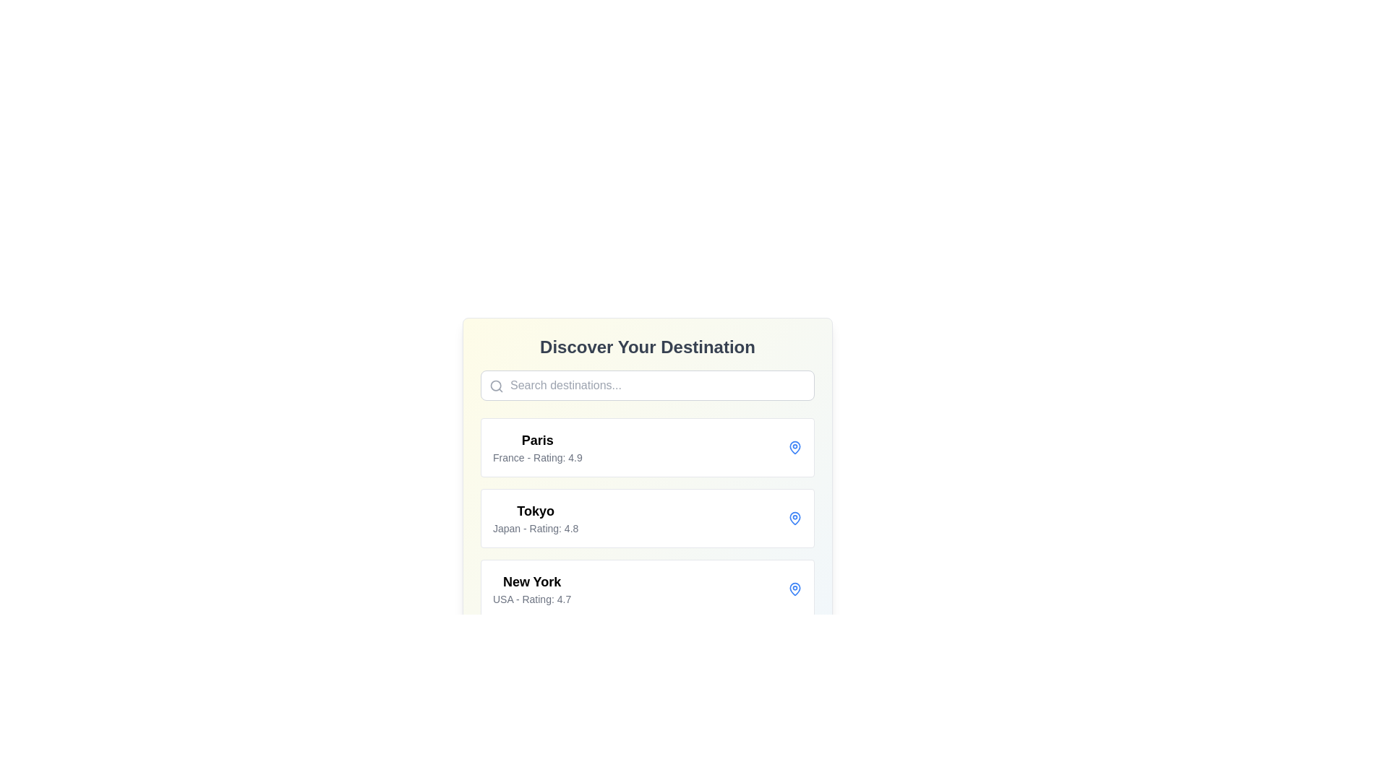  Describe the element at coordinates (794, 517) in the screenshot. I see `the blue pin icon that is the rightmost component of the list item labeled 'Tokyo'` at that location.